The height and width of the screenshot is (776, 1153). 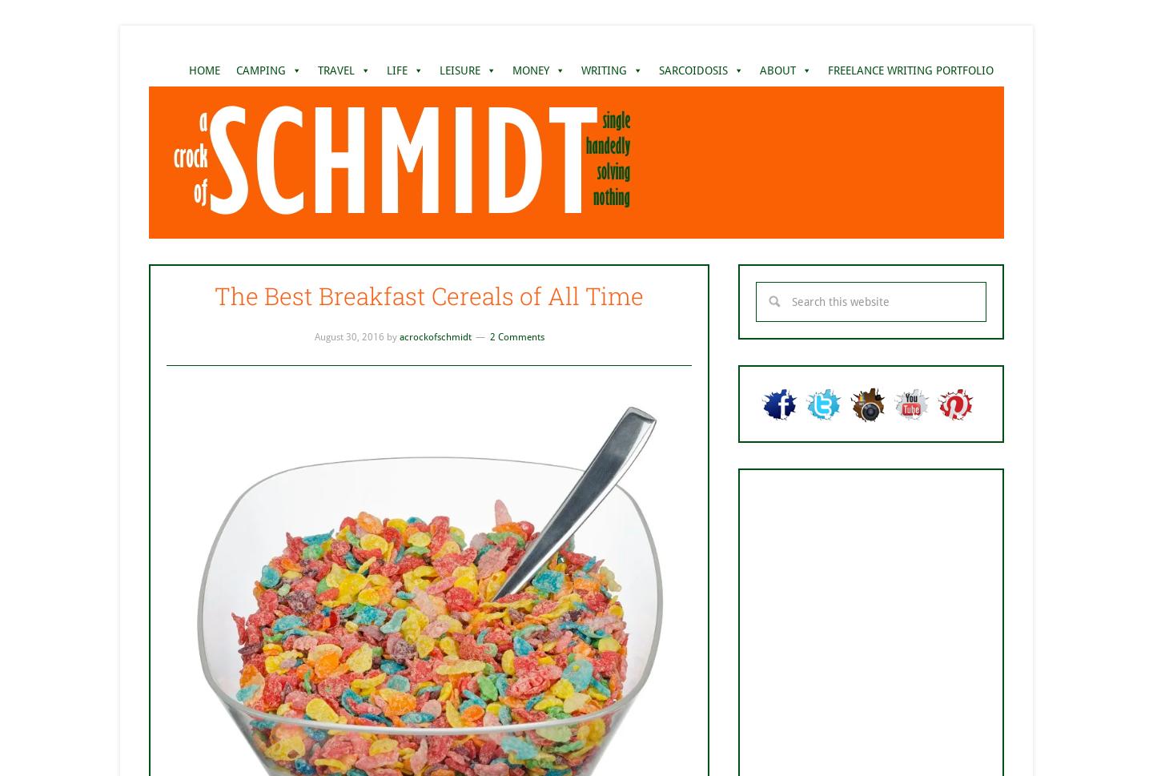 I want to click on 'SPORTS SCHMIDT', so click(x=482, y=191).